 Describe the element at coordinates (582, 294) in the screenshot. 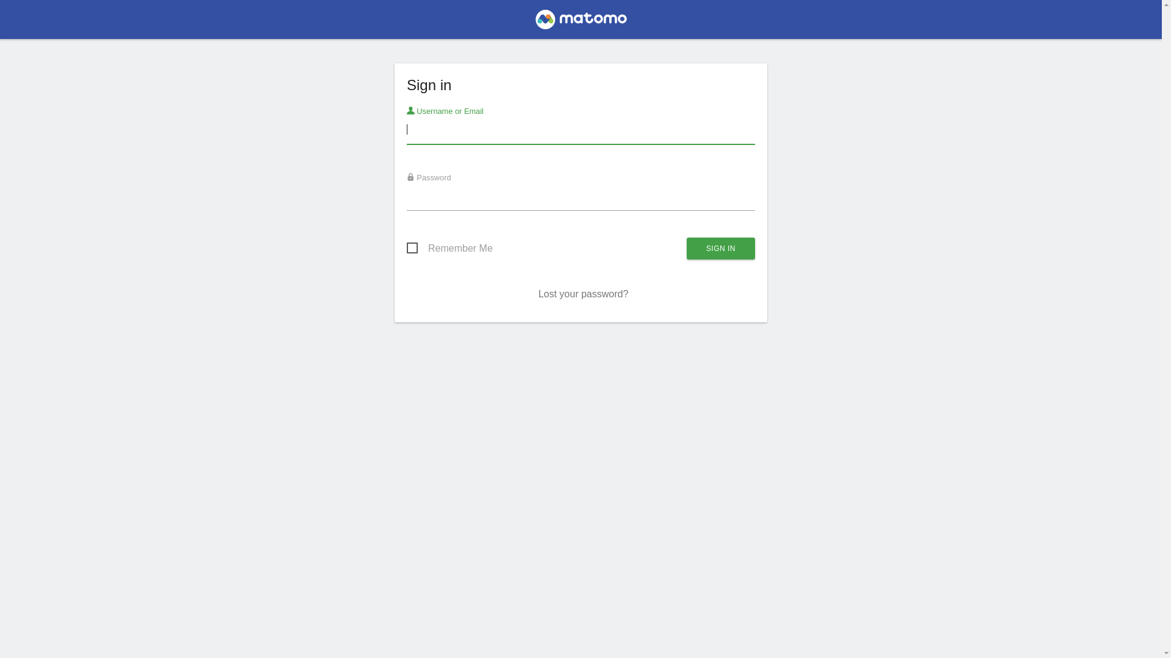

I see `'Lost your password?'` at that location.